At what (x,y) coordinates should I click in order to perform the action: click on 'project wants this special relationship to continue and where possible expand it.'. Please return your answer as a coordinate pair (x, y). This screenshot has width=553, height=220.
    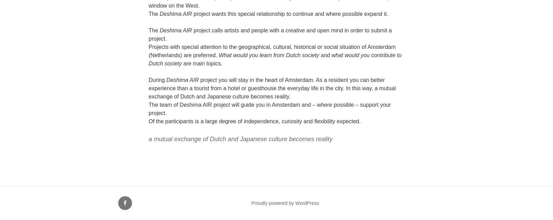
    Looking at the image, I should click on (191, 14).